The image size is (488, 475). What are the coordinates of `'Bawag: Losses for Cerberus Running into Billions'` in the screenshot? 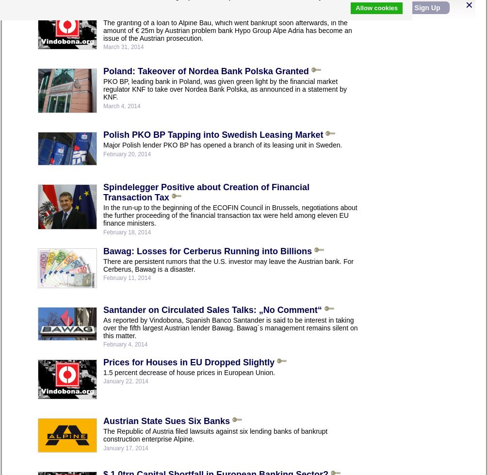 It's located at (207, 250).